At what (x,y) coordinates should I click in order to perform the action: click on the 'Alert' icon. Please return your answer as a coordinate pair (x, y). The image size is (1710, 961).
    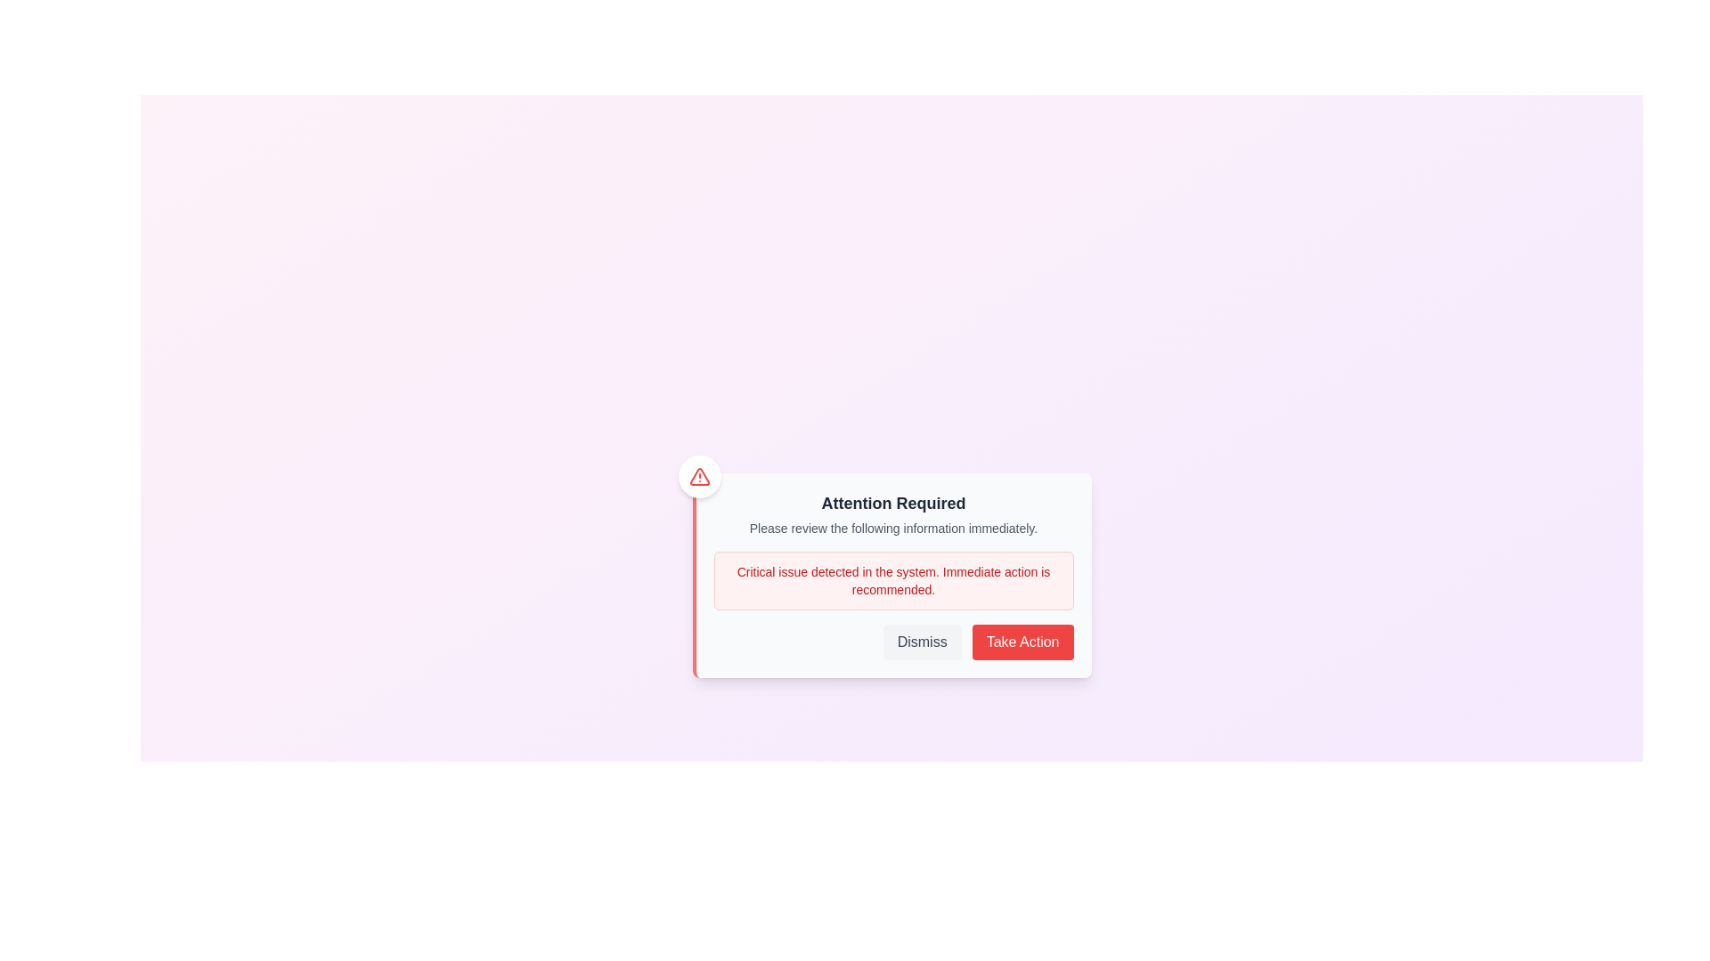
    Looking at the image, I should click on (698, 476).